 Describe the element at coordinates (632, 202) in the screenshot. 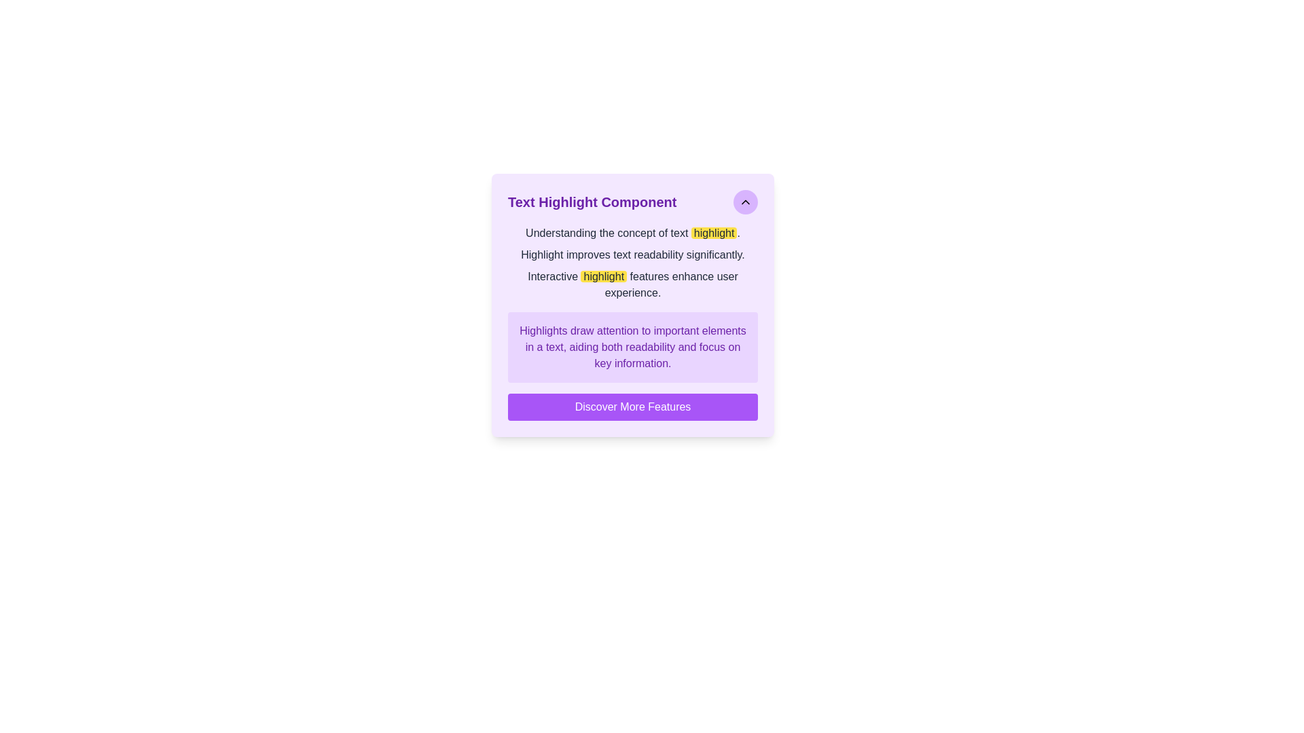

I see `title of the Card Header with Title and Button that states 'Text Highlight Component', which is bold and purple-colored, located at the top of the card` at that location.